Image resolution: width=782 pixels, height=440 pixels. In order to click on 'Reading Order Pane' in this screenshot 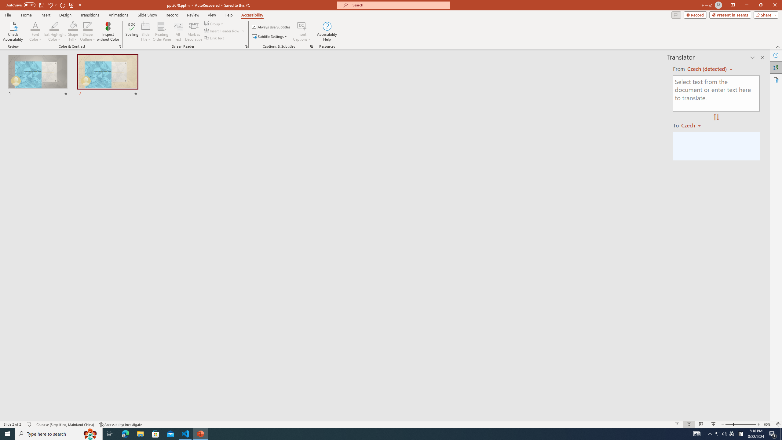, I will do `click(162, 31)`.